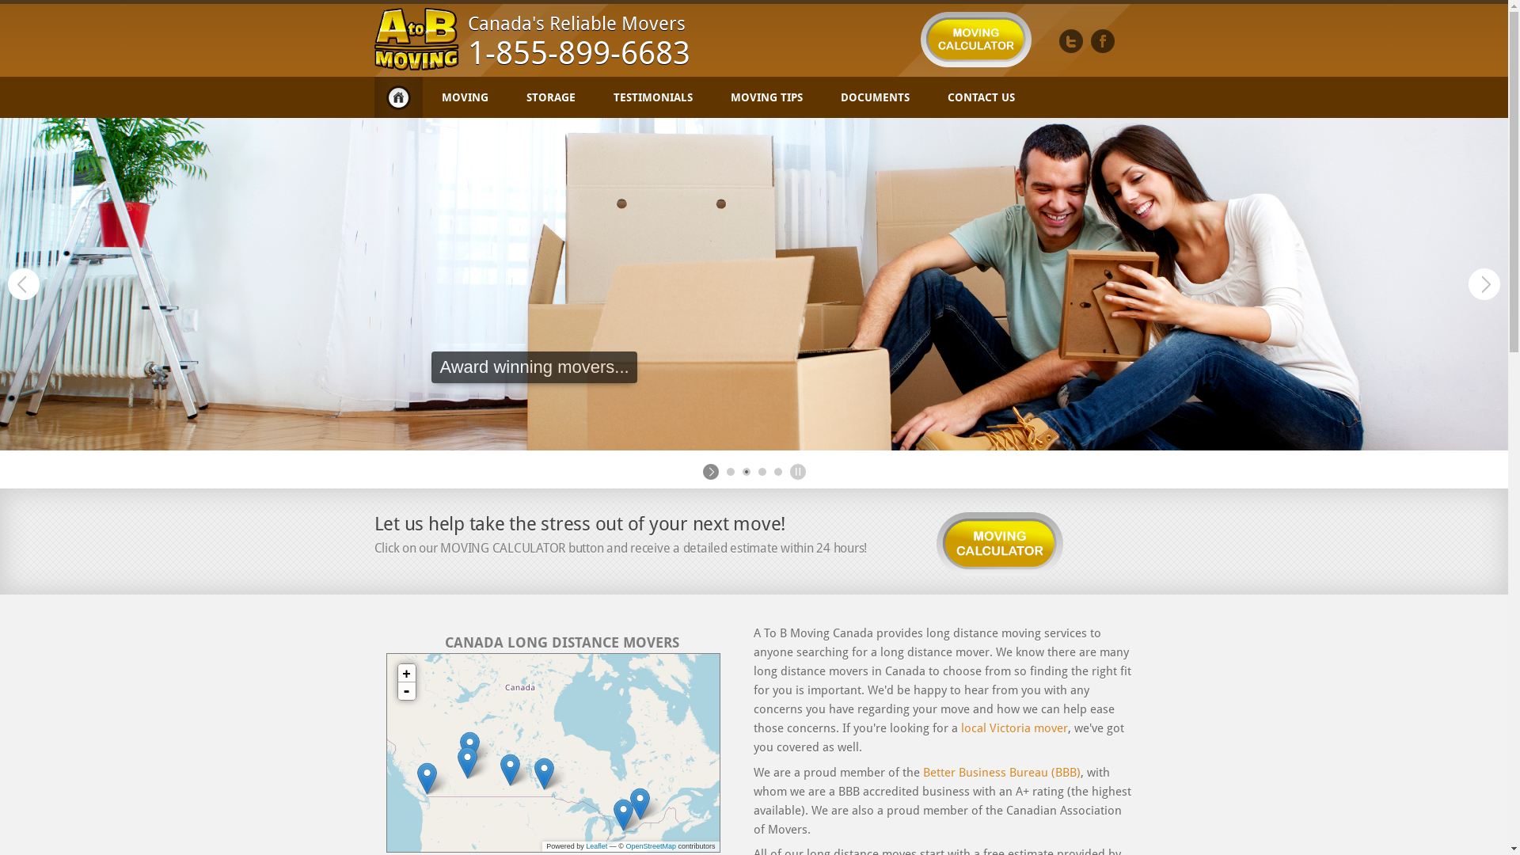 The image size is (1520, 855). I want to click on 'Follow us!', so click(1071, 40).